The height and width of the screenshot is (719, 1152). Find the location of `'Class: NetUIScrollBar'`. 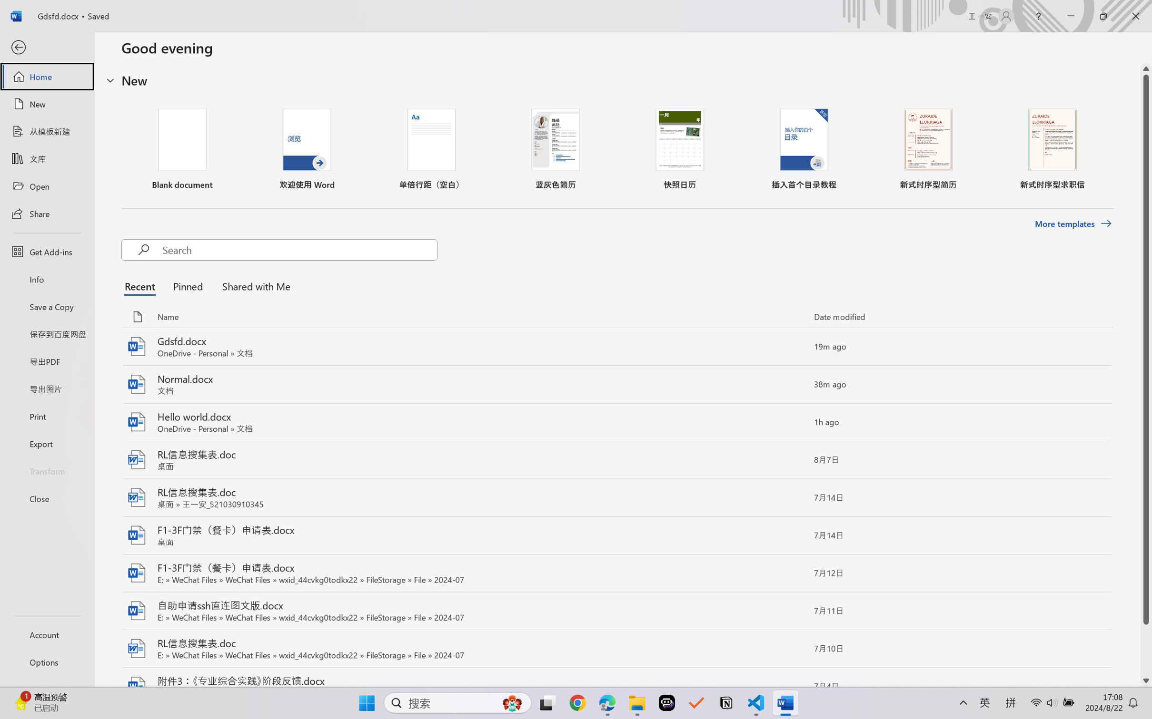

'Class: NetUIScrollBar' is located at coordinates (1146, 374).